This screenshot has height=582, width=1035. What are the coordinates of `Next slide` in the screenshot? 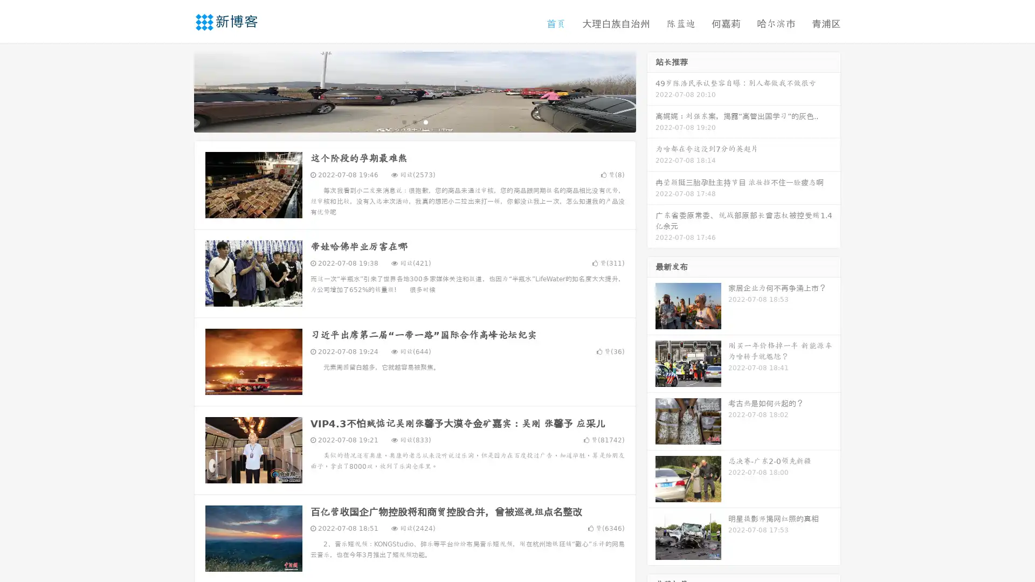 It's located at (651, 91).